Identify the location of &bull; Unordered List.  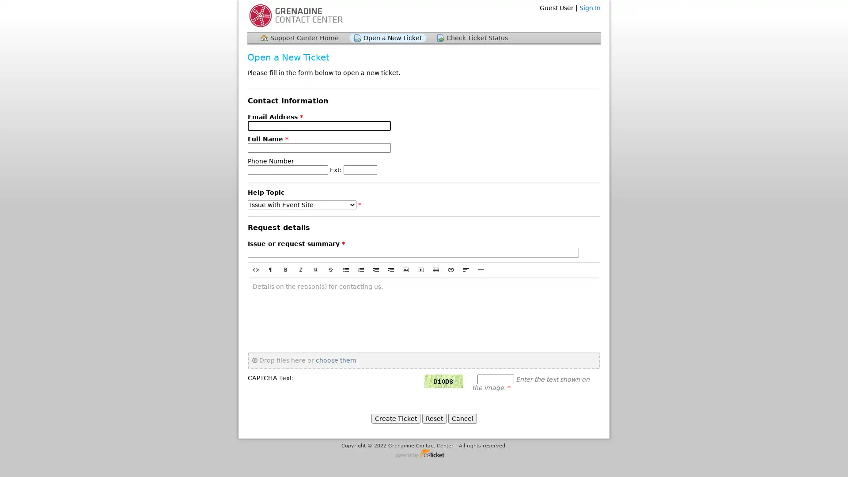
(345, 269).